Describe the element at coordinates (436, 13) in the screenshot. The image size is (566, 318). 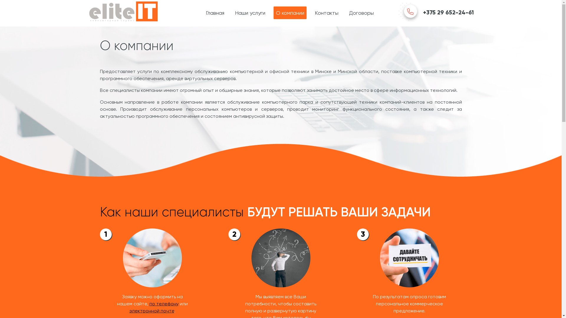
I see `'+375 29 652-24-61'` at that location.